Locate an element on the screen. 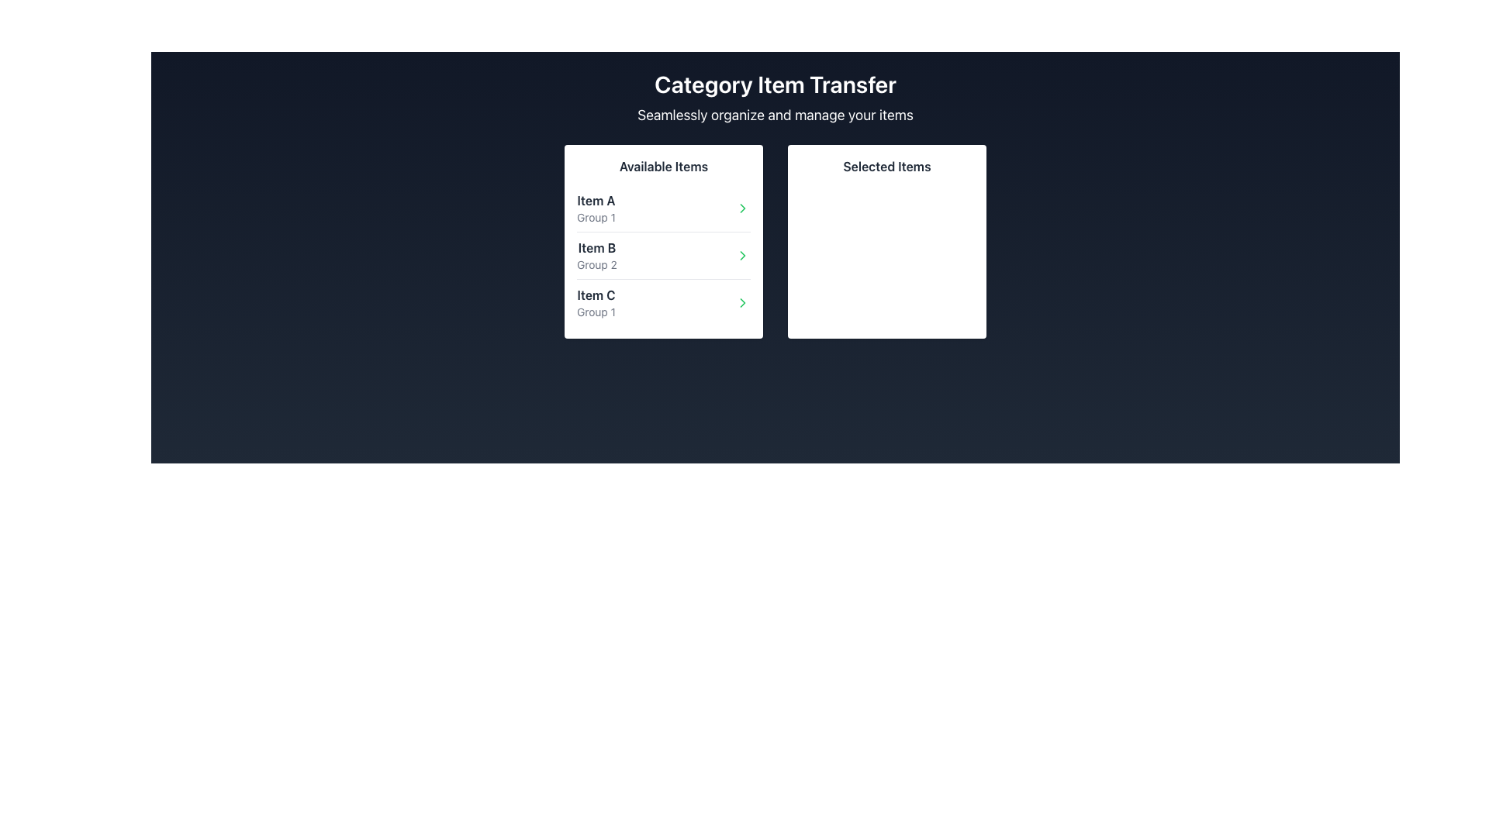 The width and height of the screenshot is (1489, 837). the second list item representing 'Item B' is located at coordinates (663, 254).